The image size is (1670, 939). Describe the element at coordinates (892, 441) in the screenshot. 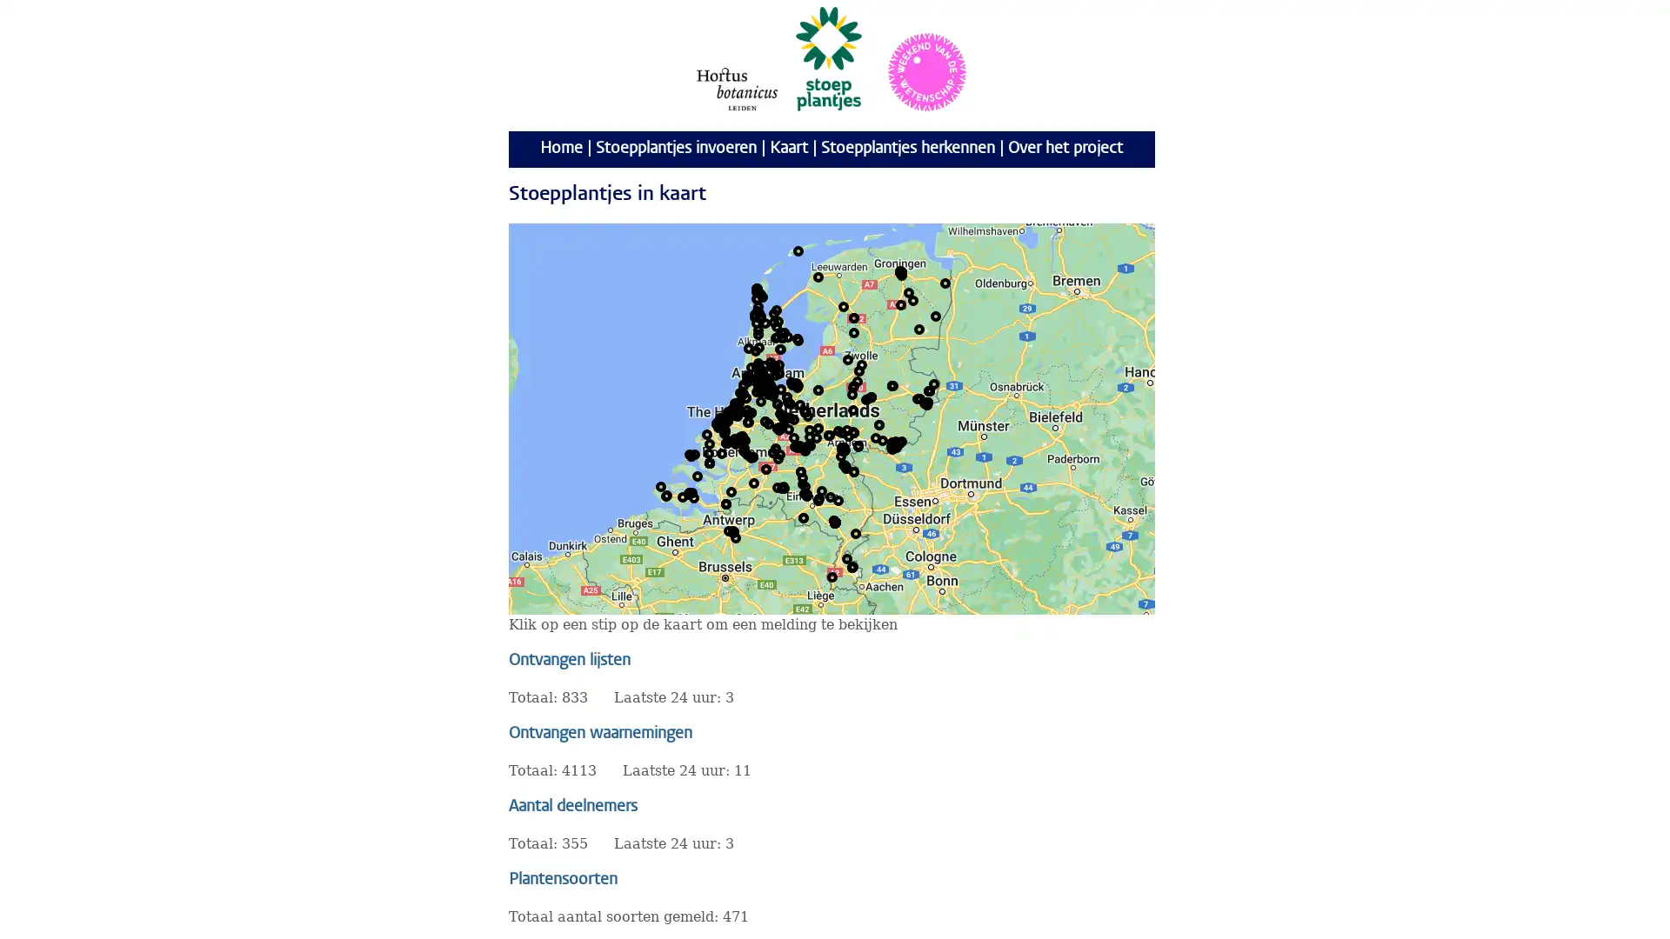

I see `Telling van op 11 mei 2022` at that location.